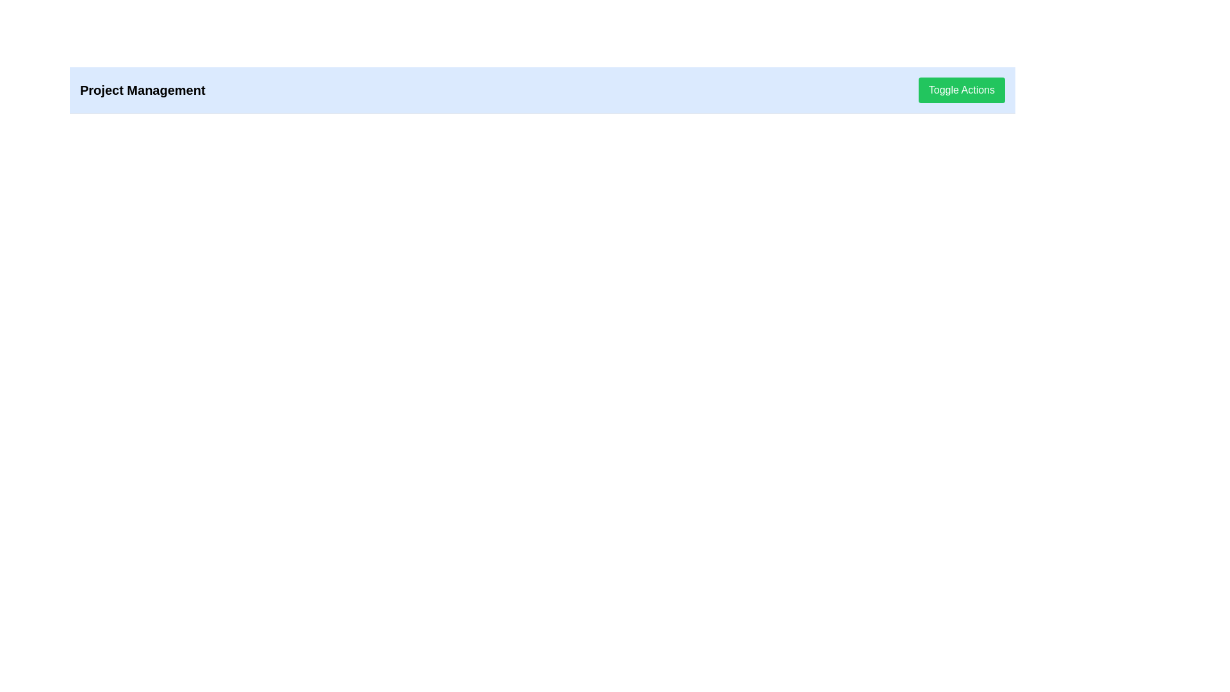  I want to click on the green button labeled 'Toggle Actions', so click(962, 90).